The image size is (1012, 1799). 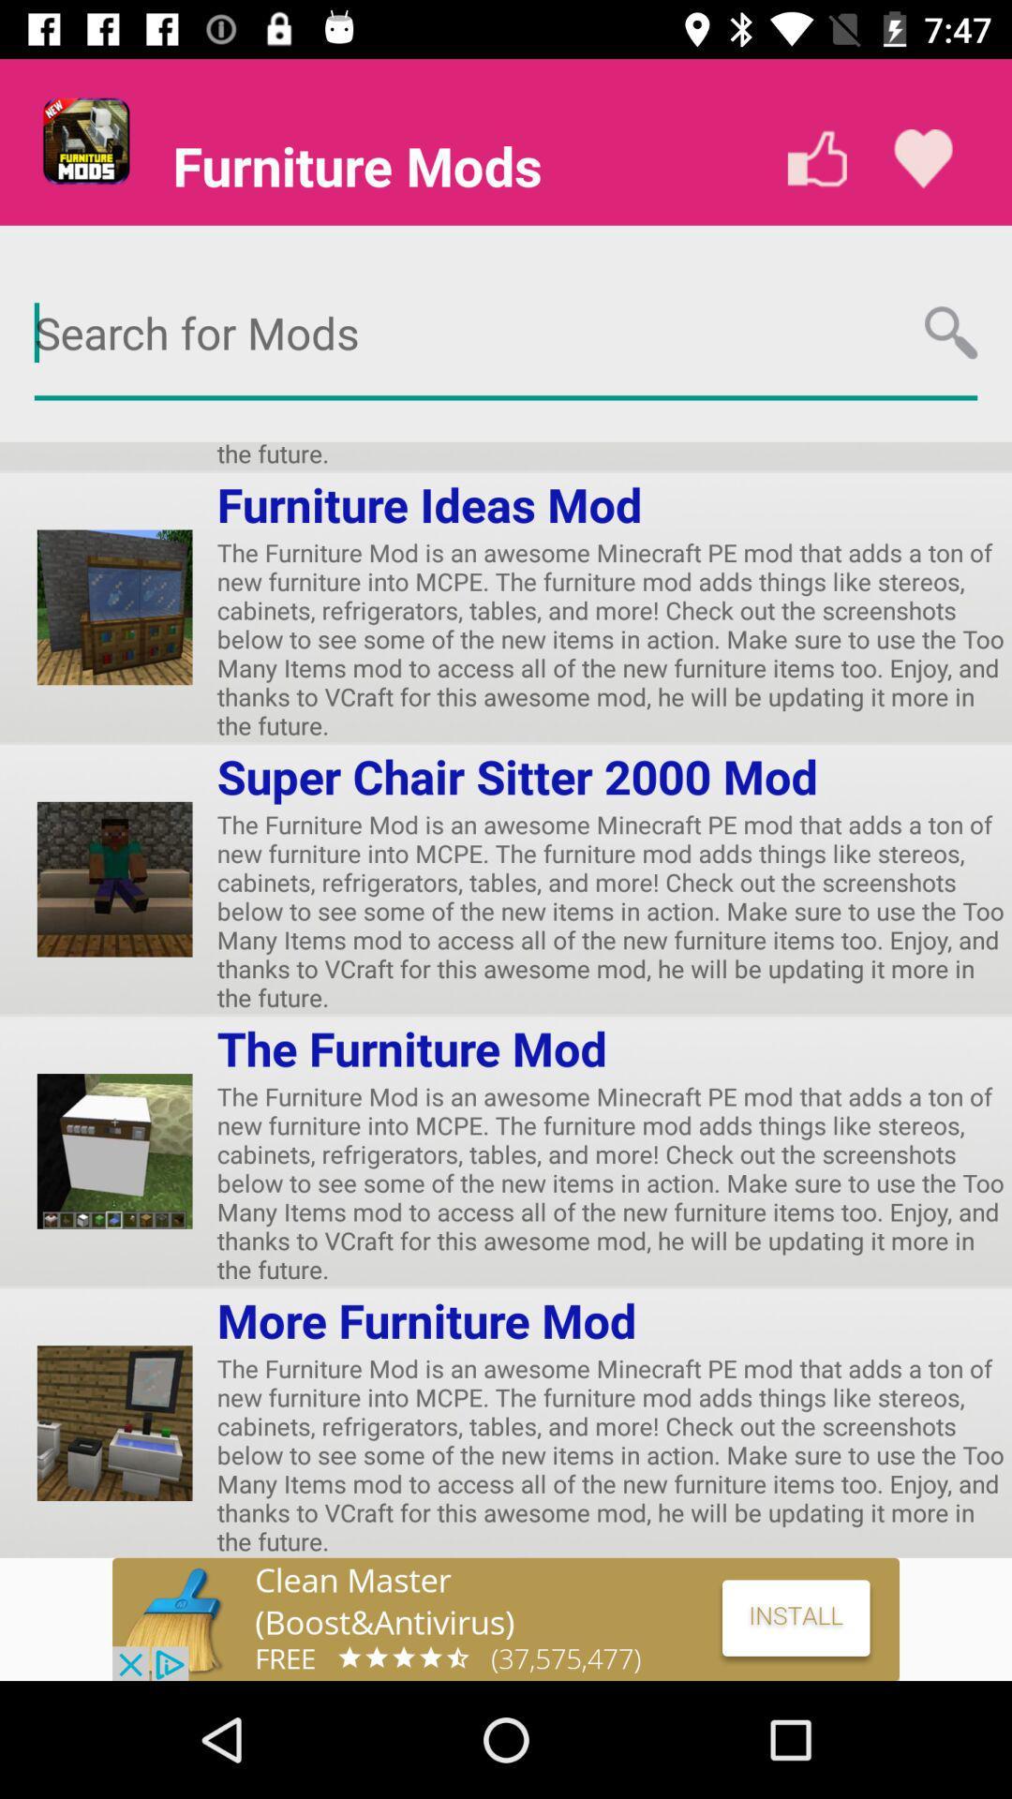 What do you see at coordinates (115, 1422) in the screenshot?
I see `the last image at the left bottom of the site` at bounding box center [115, 1422].